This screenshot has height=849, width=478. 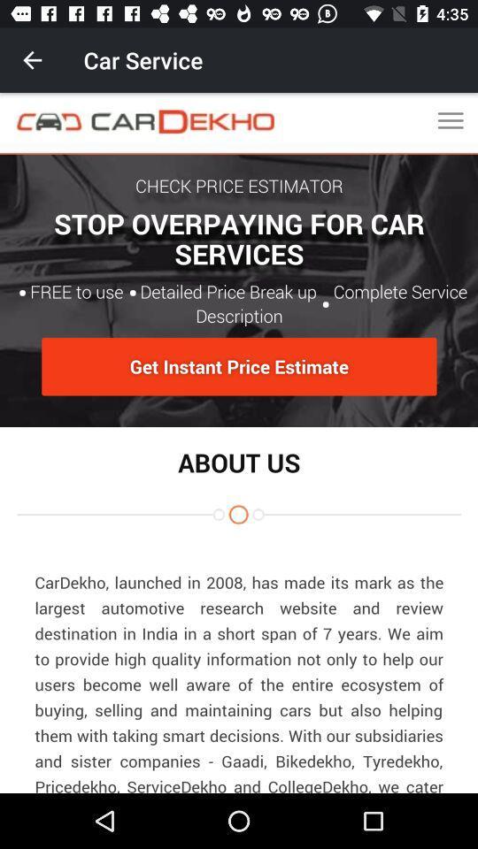 I want to click on go back, so click(x=32, y=60).